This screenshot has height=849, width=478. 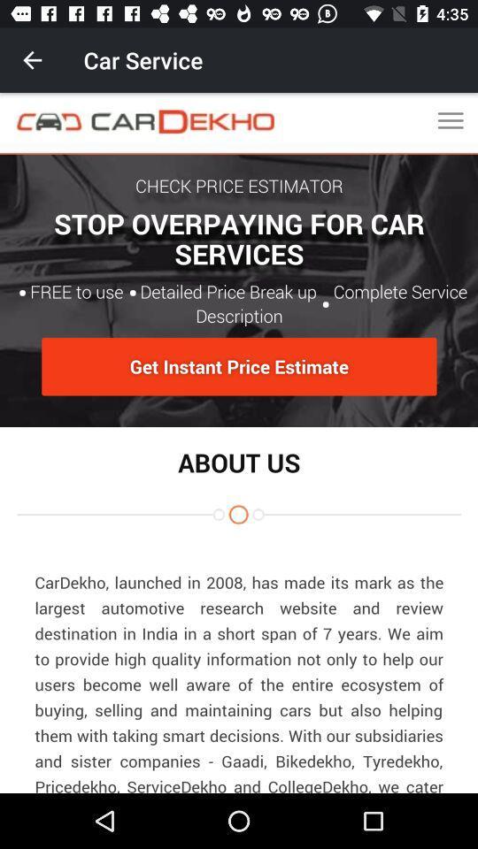 I want to click on go back, so click(x=32, y=60).